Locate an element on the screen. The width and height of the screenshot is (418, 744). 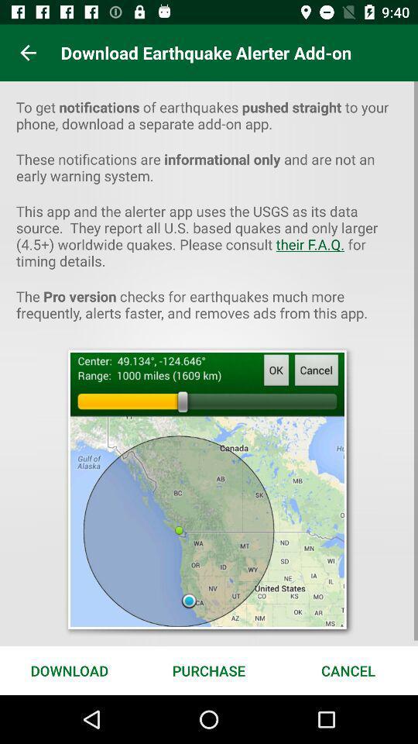
the item next to cancel item is located at coordinates (209, 670).